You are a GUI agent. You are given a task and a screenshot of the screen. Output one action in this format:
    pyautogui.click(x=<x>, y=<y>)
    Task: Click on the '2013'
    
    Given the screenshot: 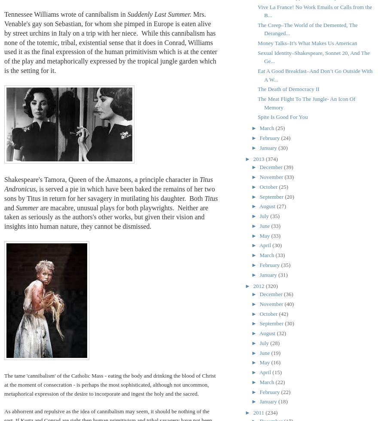 What is the action you would take?
    pyautogui.click(x=252, y=158)
    